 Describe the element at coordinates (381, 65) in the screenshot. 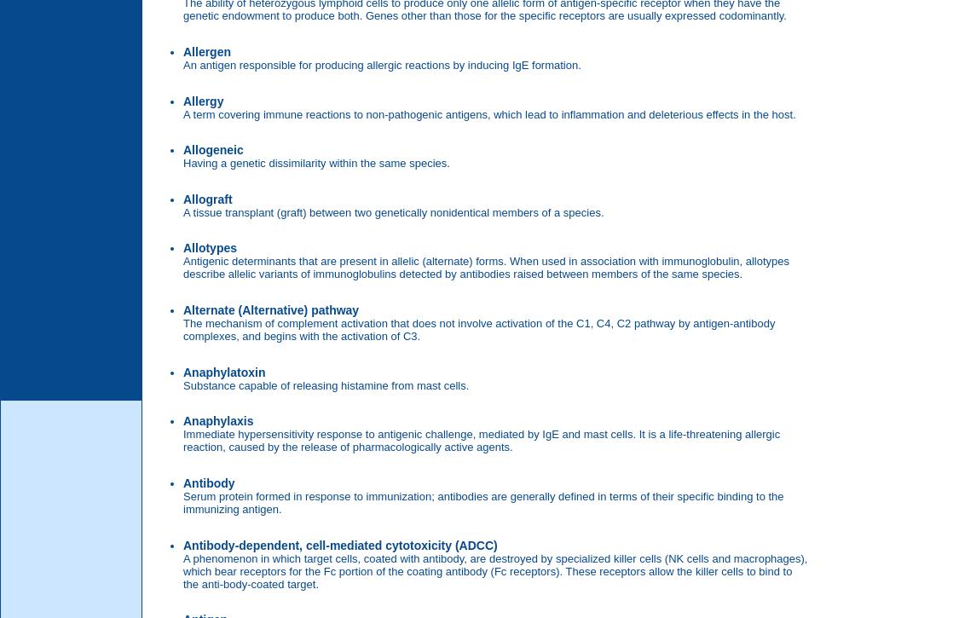

I see `'An antigen responsible for producing allergic reactions by inducing IgE formation.'` at that location.